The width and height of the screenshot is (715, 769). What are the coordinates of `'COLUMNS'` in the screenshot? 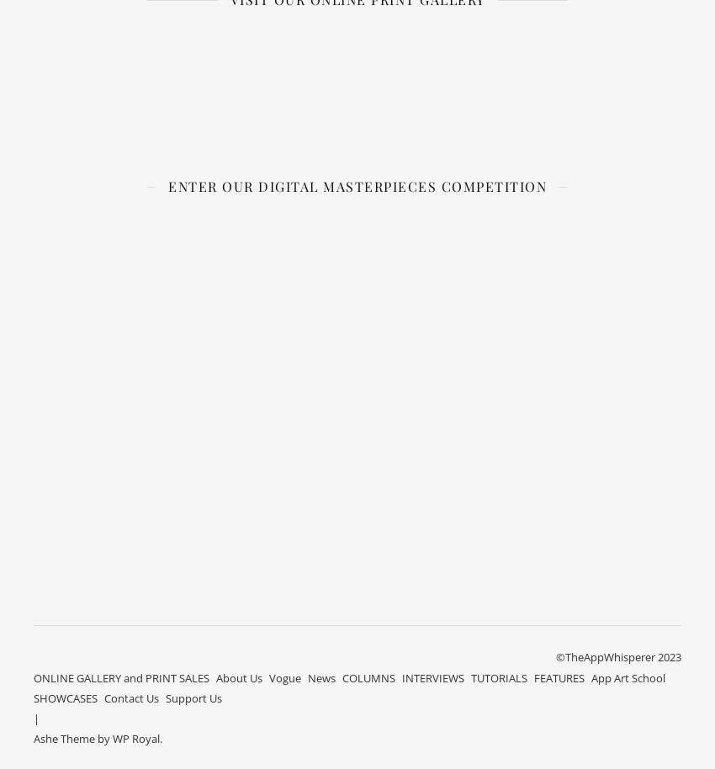 It's located at (368, 676).